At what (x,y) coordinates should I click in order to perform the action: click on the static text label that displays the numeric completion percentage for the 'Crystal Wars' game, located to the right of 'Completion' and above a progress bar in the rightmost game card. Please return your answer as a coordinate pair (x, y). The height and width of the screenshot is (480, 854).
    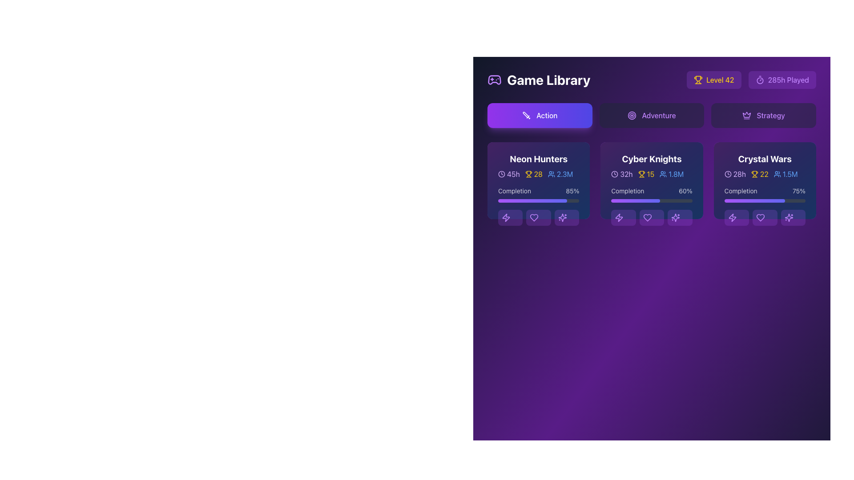
    Looking at the image, I should click on (799, 190).